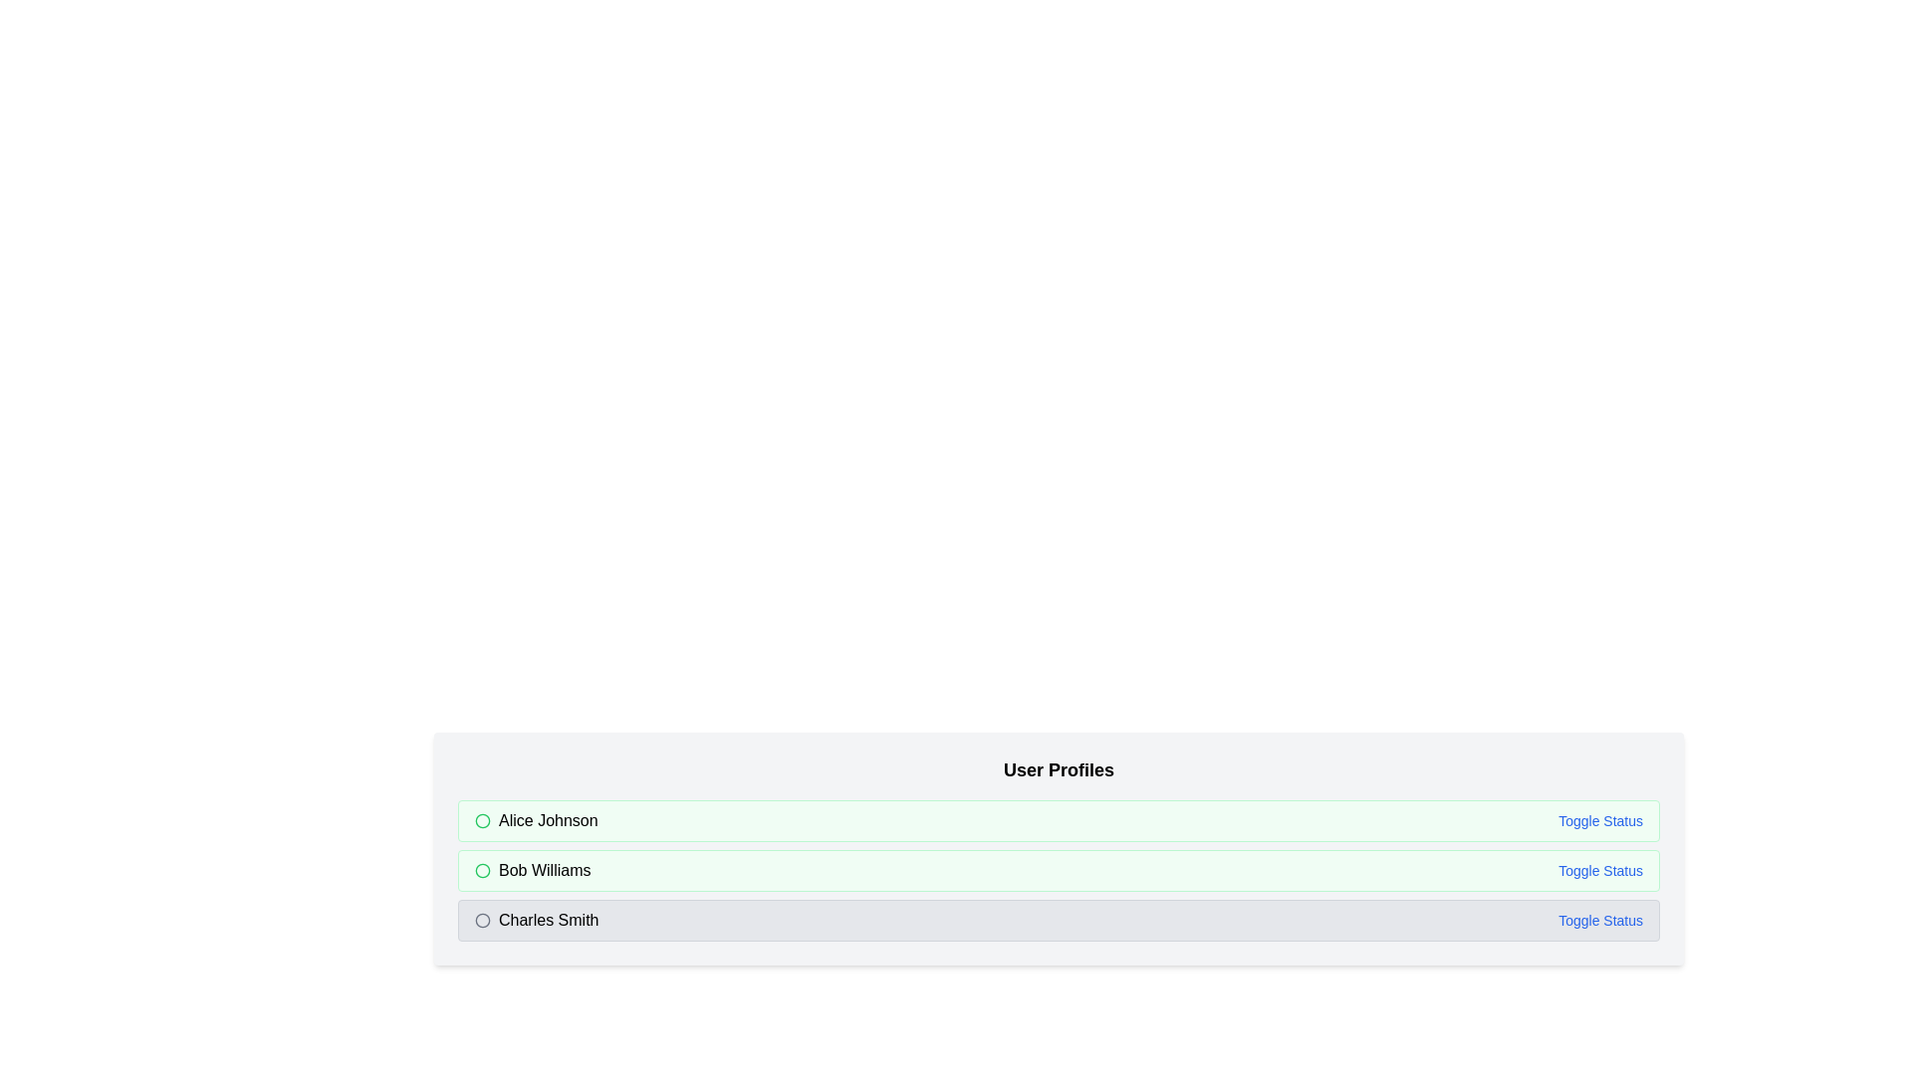 The image size is (1912, 1075). Describe the element at coordinates (482, 821) in the screenshot. I see `the first circular icon styled with a green outline, positioned to the left of the text 'Alice Johnson', for status indication` at that location.